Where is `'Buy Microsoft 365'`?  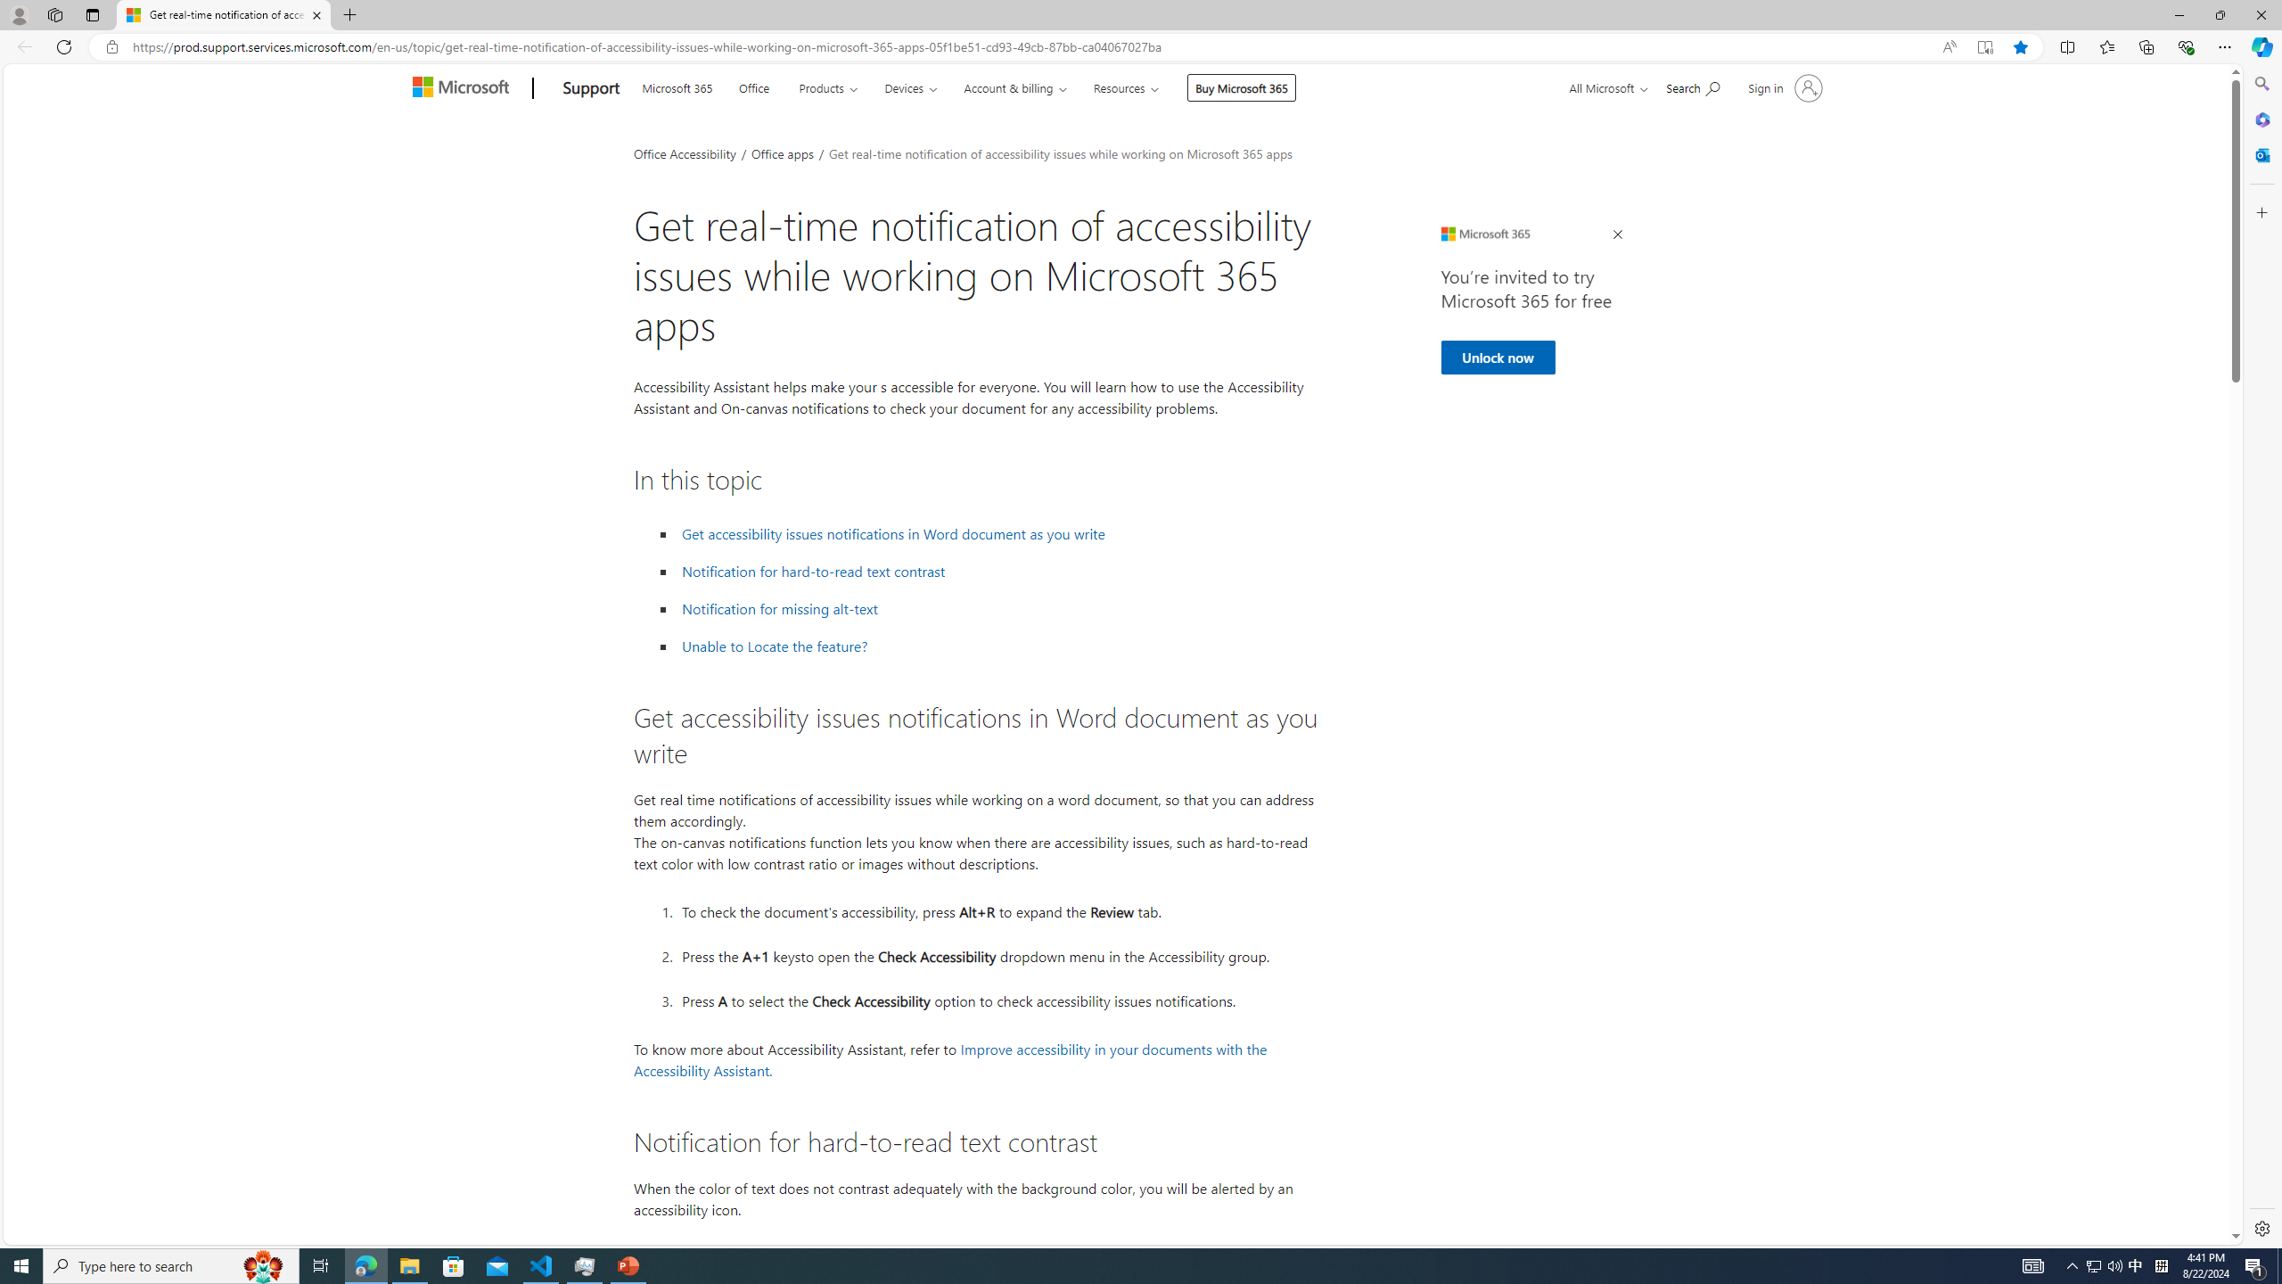 'Buy Microsoft 365' is located at coordinates (1240, 86).